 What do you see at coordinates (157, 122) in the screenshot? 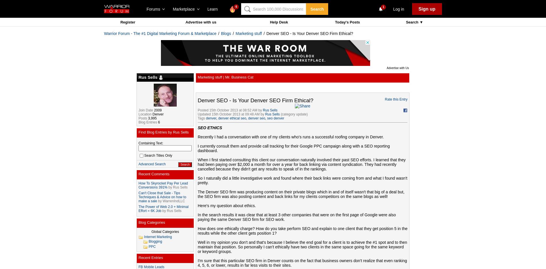
I see `'6'` at bounding box center [157, 122].